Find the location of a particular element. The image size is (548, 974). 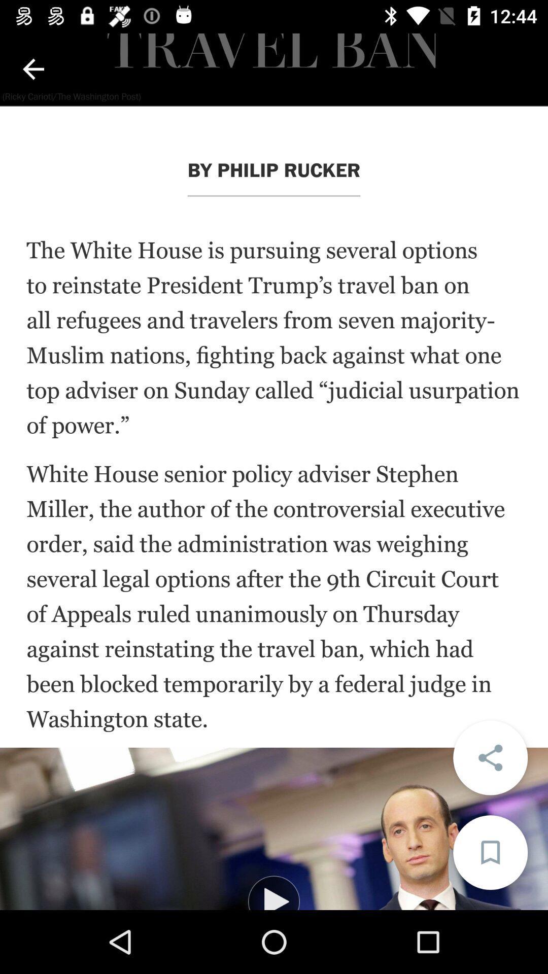

previous page is located at coordinates (32, 68).